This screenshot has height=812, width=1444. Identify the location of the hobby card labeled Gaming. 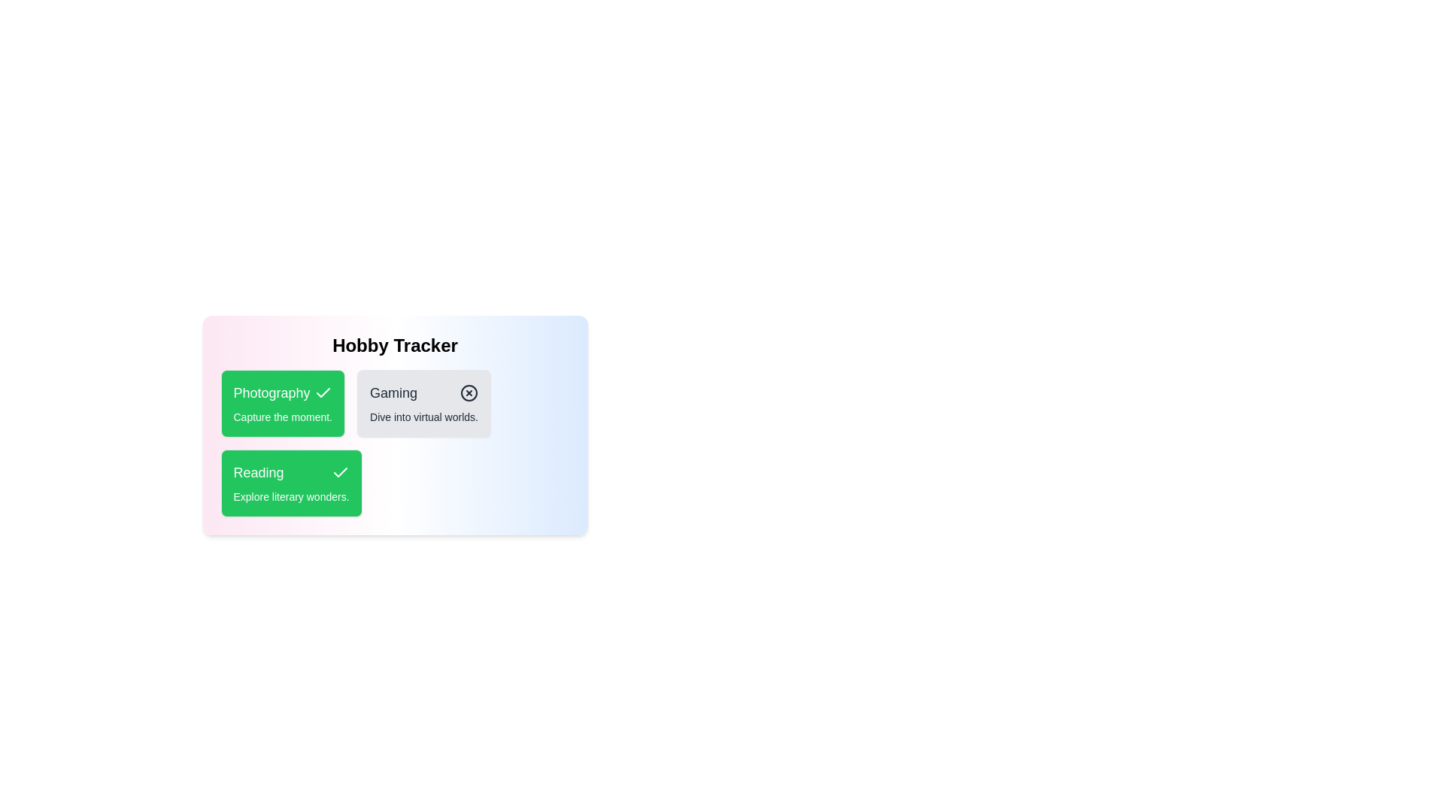
(422, 402).